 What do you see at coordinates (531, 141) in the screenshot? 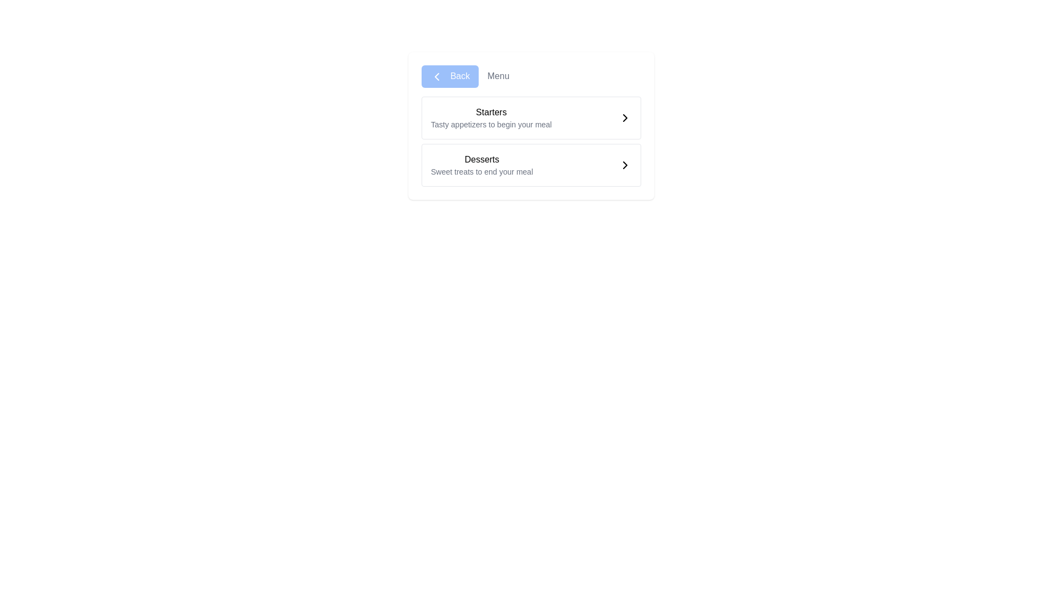
I see `the Menu list block which allows users` at bounding box center [531, 141].